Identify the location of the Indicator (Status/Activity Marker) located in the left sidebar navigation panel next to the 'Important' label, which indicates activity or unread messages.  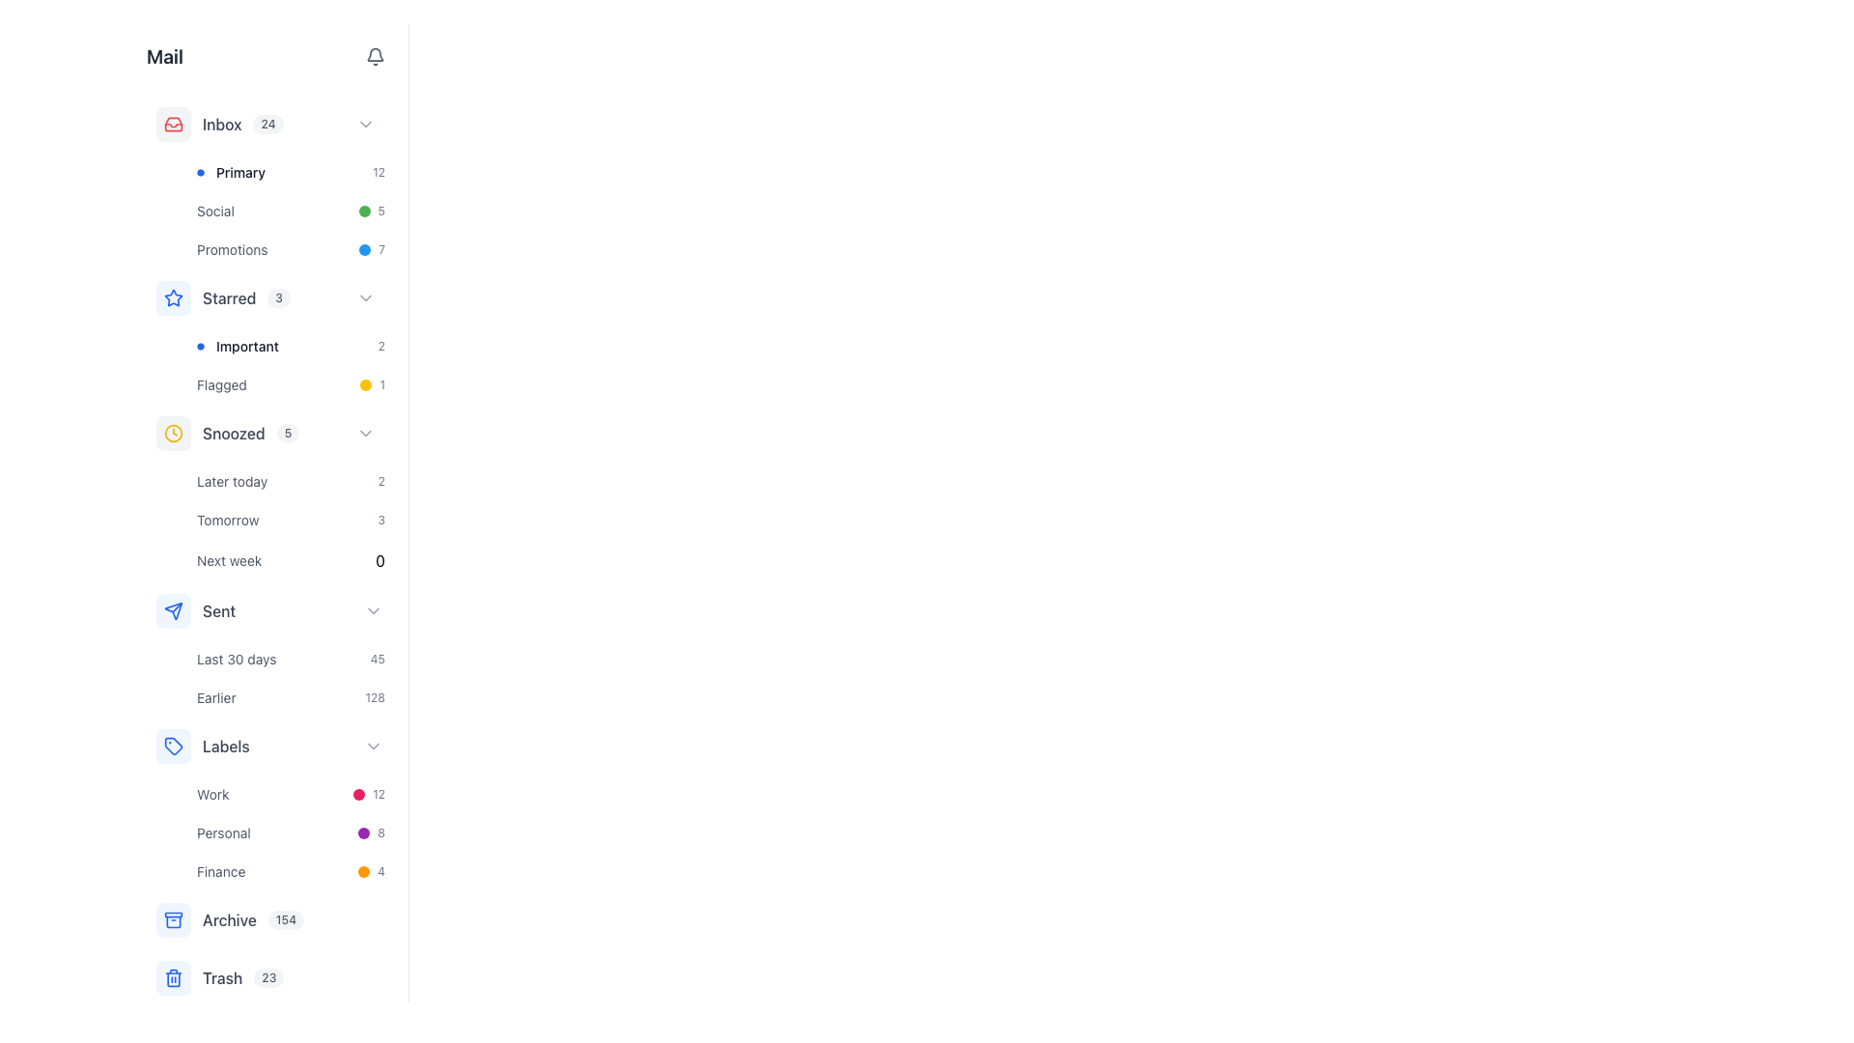
(366, 384).